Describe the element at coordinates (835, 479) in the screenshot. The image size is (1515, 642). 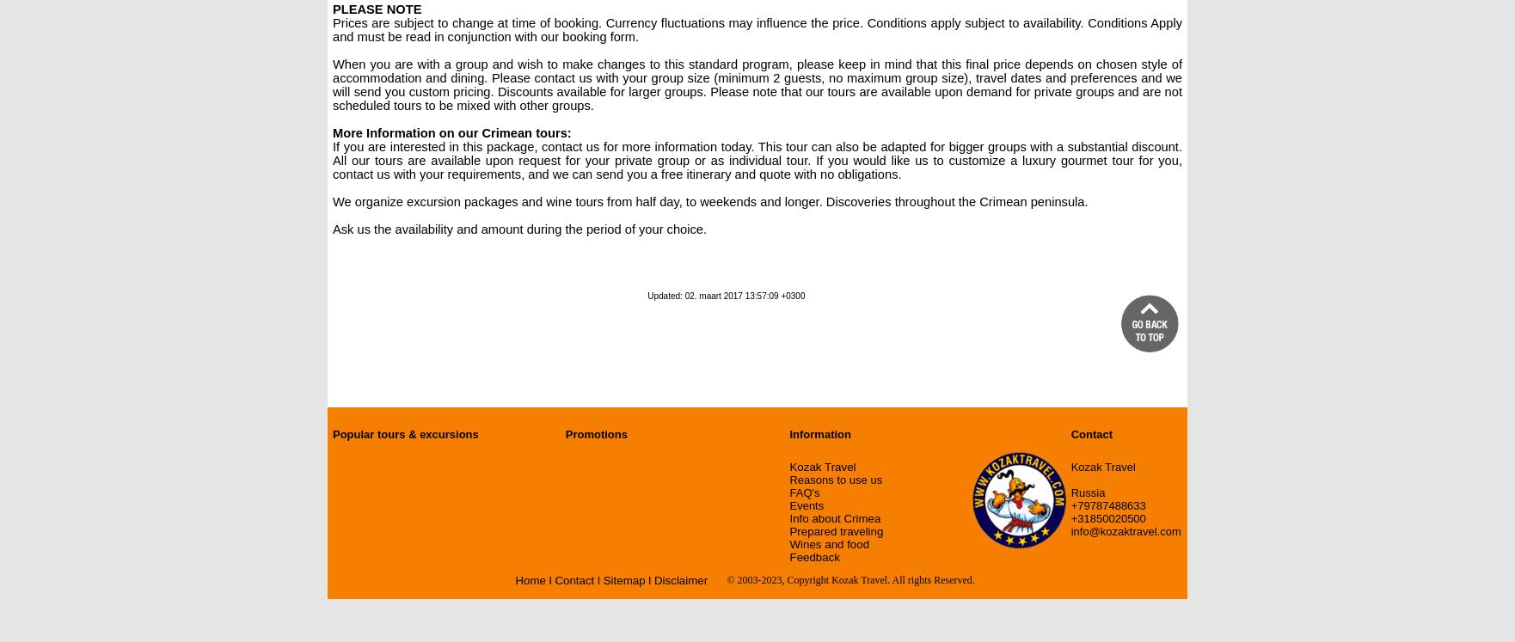
I see `'Reasons to use us'` at that location.